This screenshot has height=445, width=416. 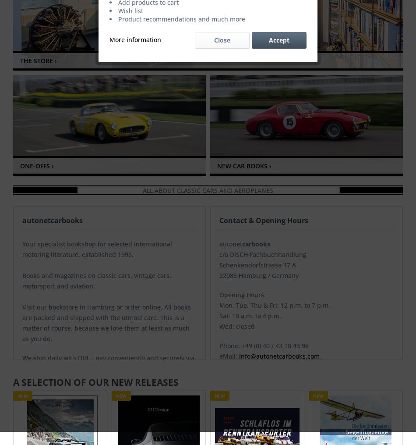 What do you see at coordinates (208, 190) in the screenshot?
I see `'All about classic cars and aeroplanes'` at bounding box center [208, 190].